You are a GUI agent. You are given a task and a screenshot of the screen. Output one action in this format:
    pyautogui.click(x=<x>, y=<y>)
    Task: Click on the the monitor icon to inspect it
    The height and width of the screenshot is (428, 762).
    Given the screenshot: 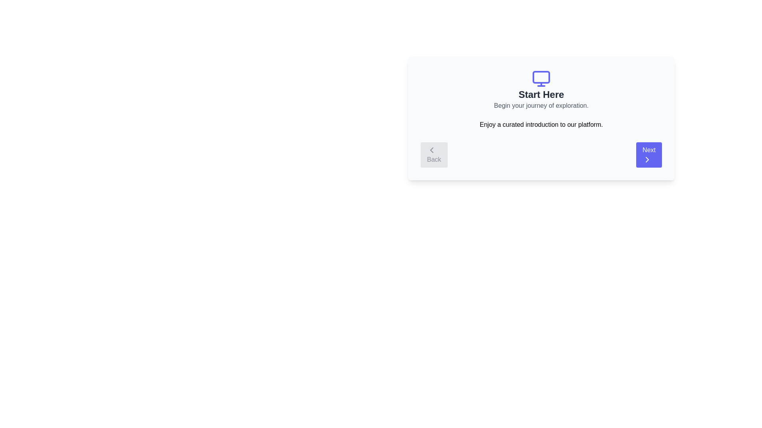 What is the action you would take?
    pyautogui.click(x=541, y=79)
    